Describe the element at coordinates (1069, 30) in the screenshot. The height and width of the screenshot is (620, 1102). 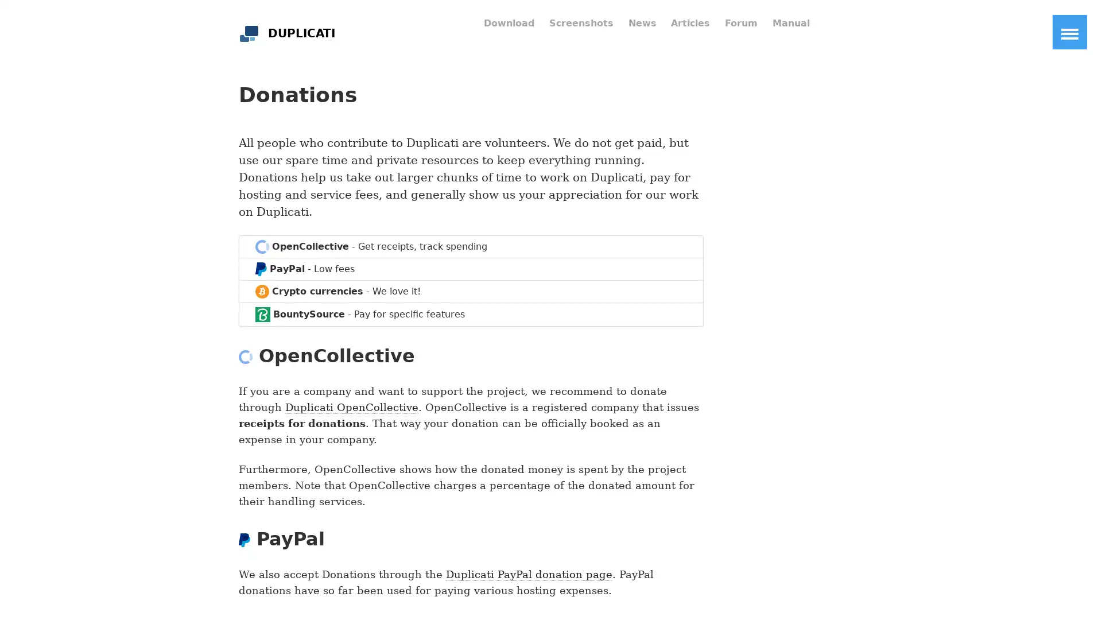
I see `Toggle Navigation` at that location.